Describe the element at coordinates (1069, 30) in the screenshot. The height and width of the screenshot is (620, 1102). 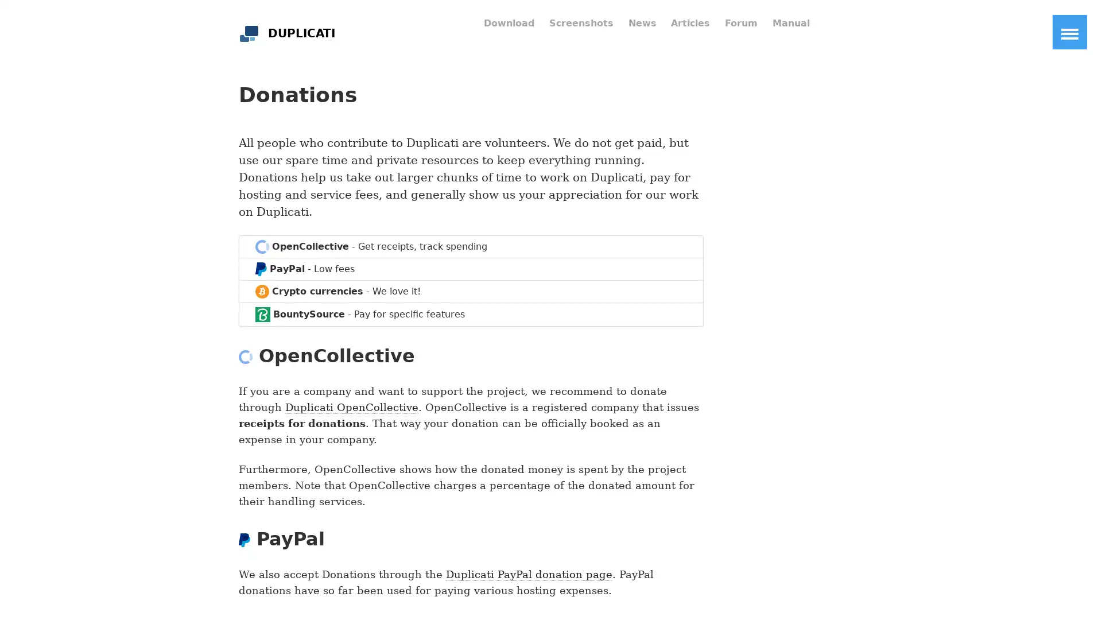
I see `Toggle Navigation` at that location.